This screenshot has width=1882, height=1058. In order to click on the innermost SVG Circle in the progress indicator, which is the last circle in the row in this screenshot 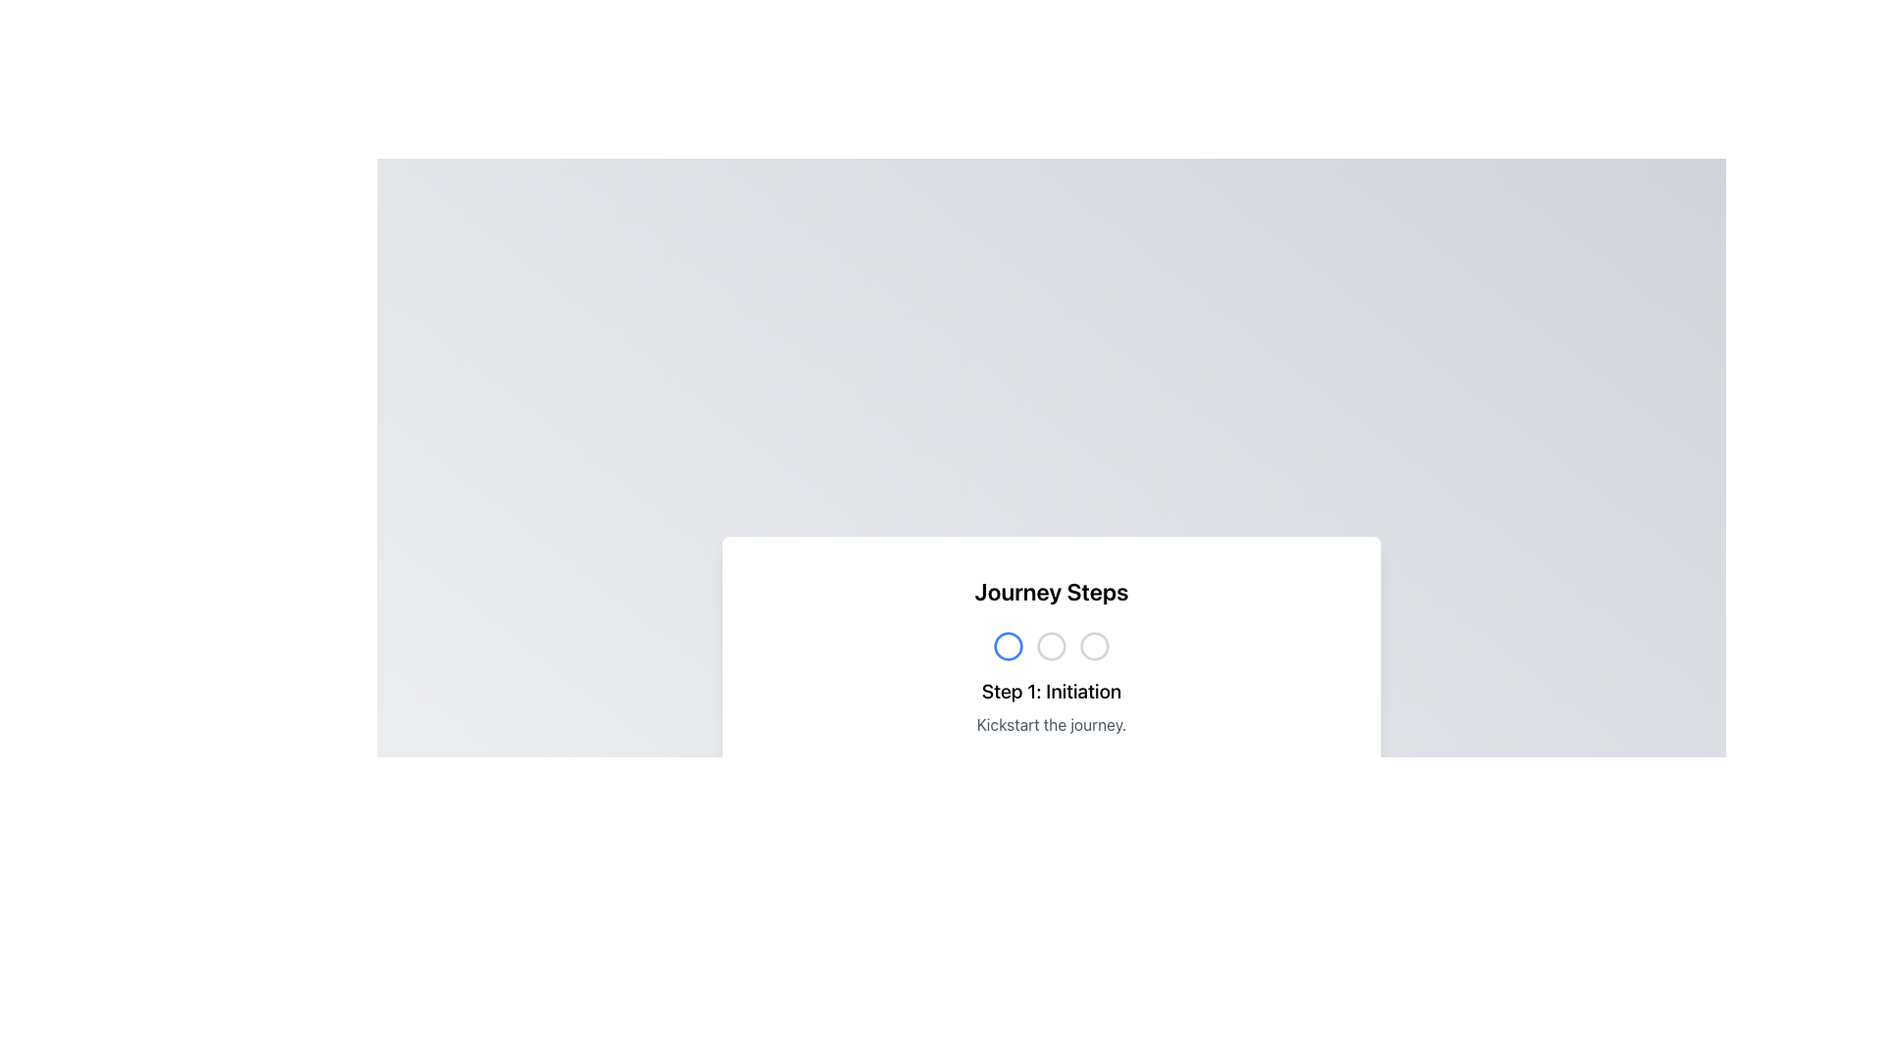, I will do `click(1094, 646)`.